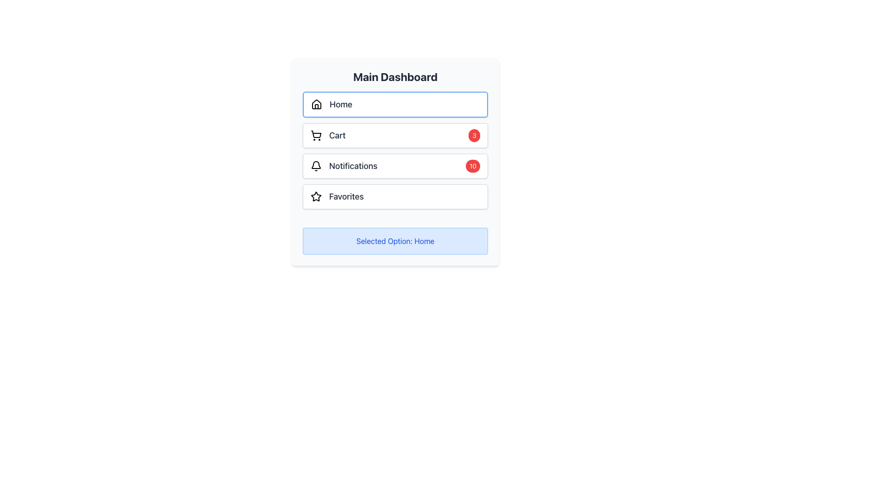  I want to click on the star-shaped icon with a hollow center and bold contour lines adjacent to the 'Favorites' label in the Main Dashboard interface, so click(316, 196).